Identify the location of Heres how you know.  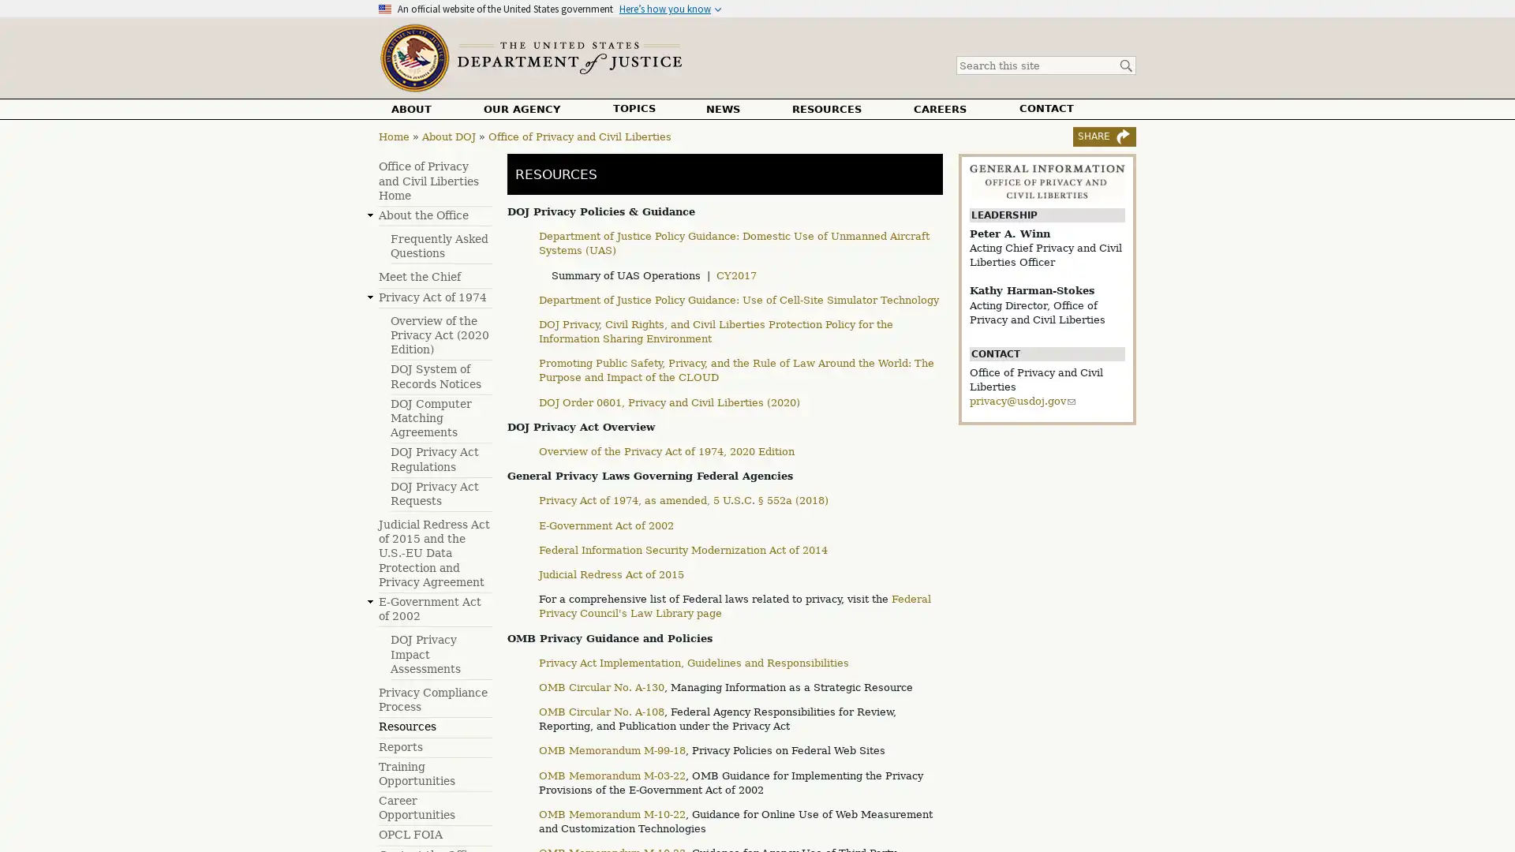
(670, 9).